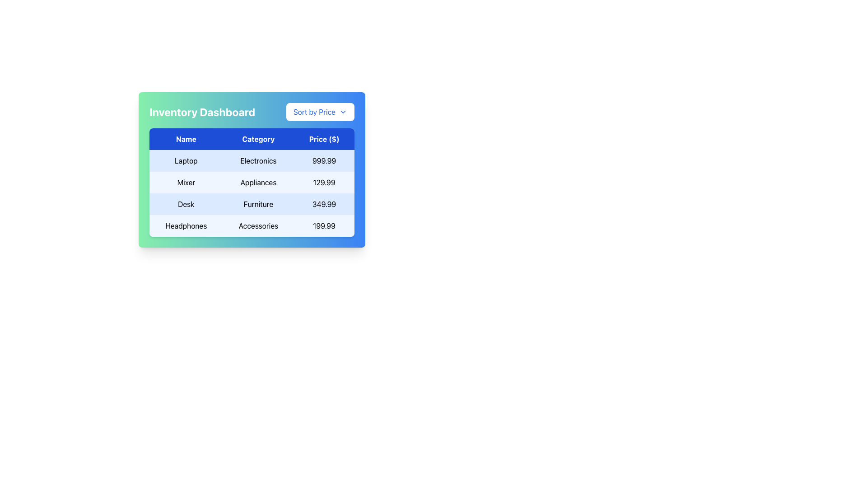 Image resolution: width=867 pixels, height=488 pixels. What do you see at coordinates (324, 139) in the screenshot?
I see `the 'Price ($)' text label, which is the third column header in the table, indicating the type of information contained in that column` at bounding box center [324, 139].